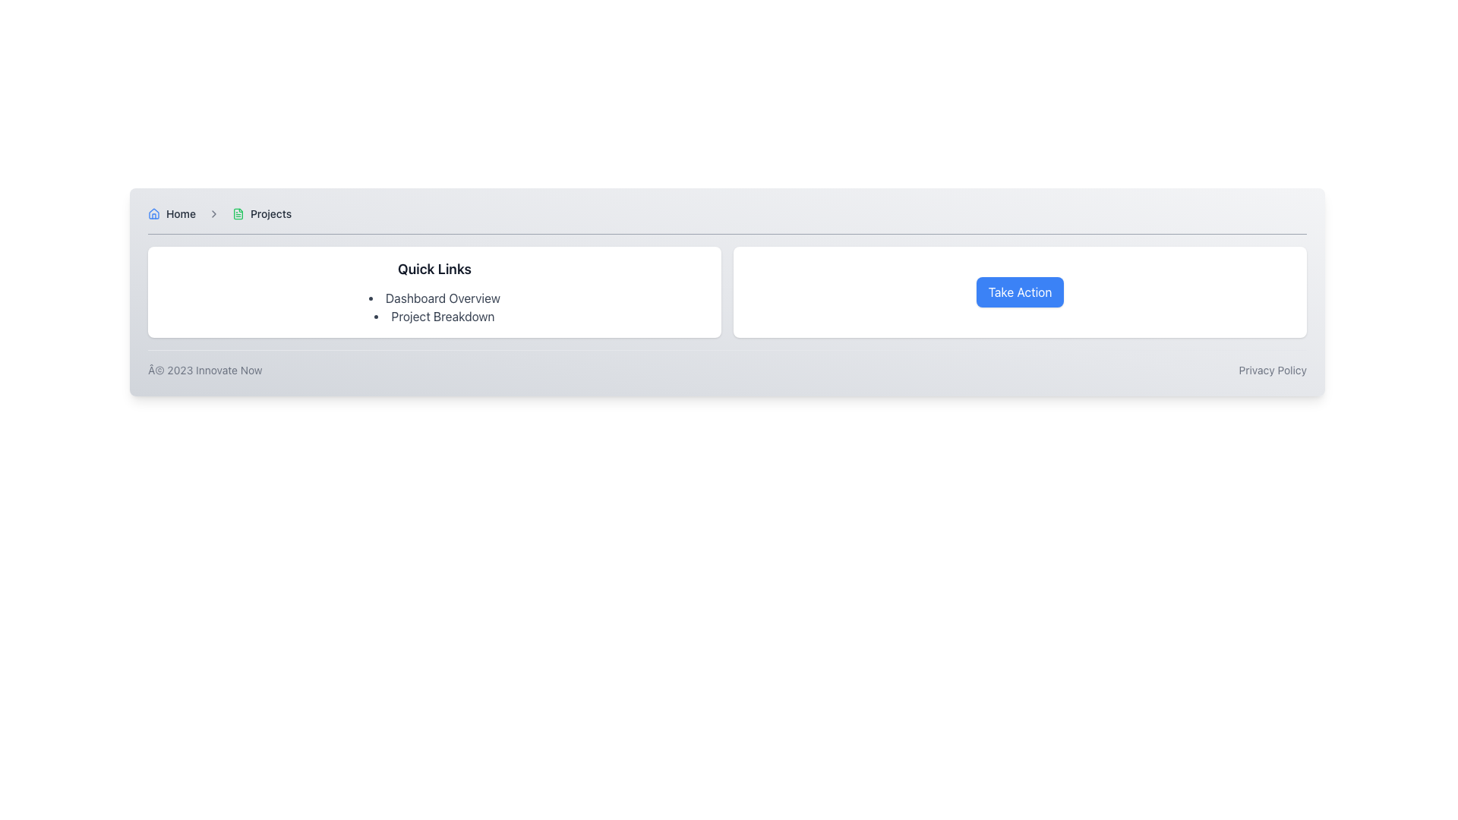 This screenshot has width=1458, height=820. I want to click on the small green file document icon located to the left of the 'Projects' text in the breadcrumb navigation, so click(237, 213).